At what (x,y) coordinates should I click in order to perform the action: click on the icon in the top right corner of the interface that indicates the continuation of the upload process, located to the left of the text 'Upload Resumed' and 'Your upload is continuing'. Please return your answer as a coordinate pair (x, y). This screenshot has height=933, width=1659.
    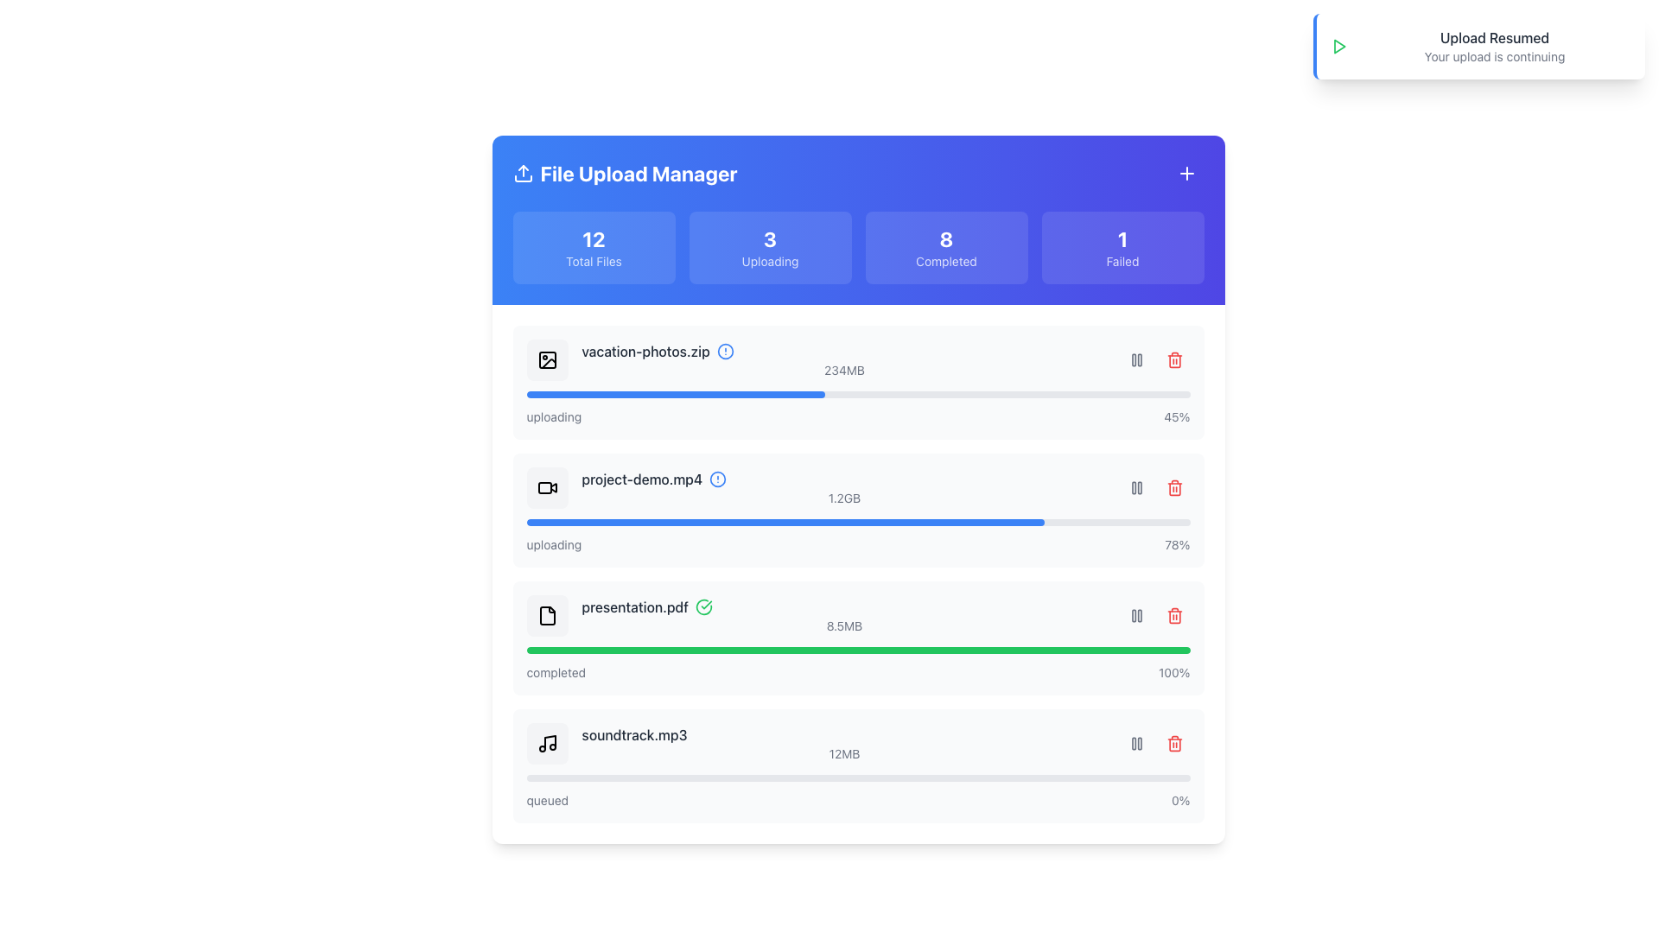
    Looking at the image, I should click on (1338, 46).